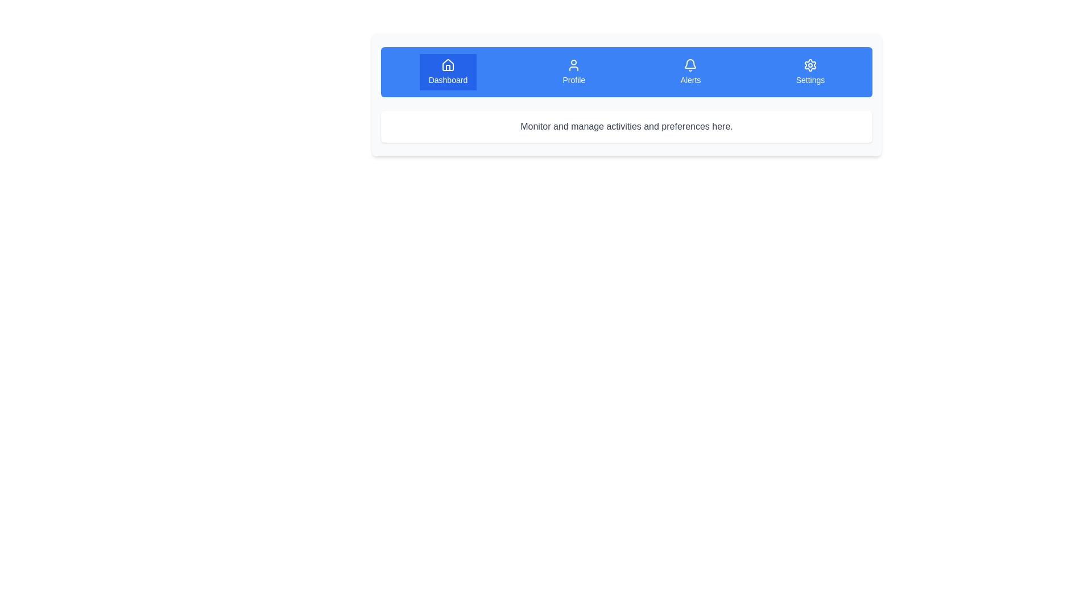  Describe the element at coordinates (690, 65) in the screenshot. I see `the bell icon located in the top-menu navigation bar under the 'Alerts' section` at that location.